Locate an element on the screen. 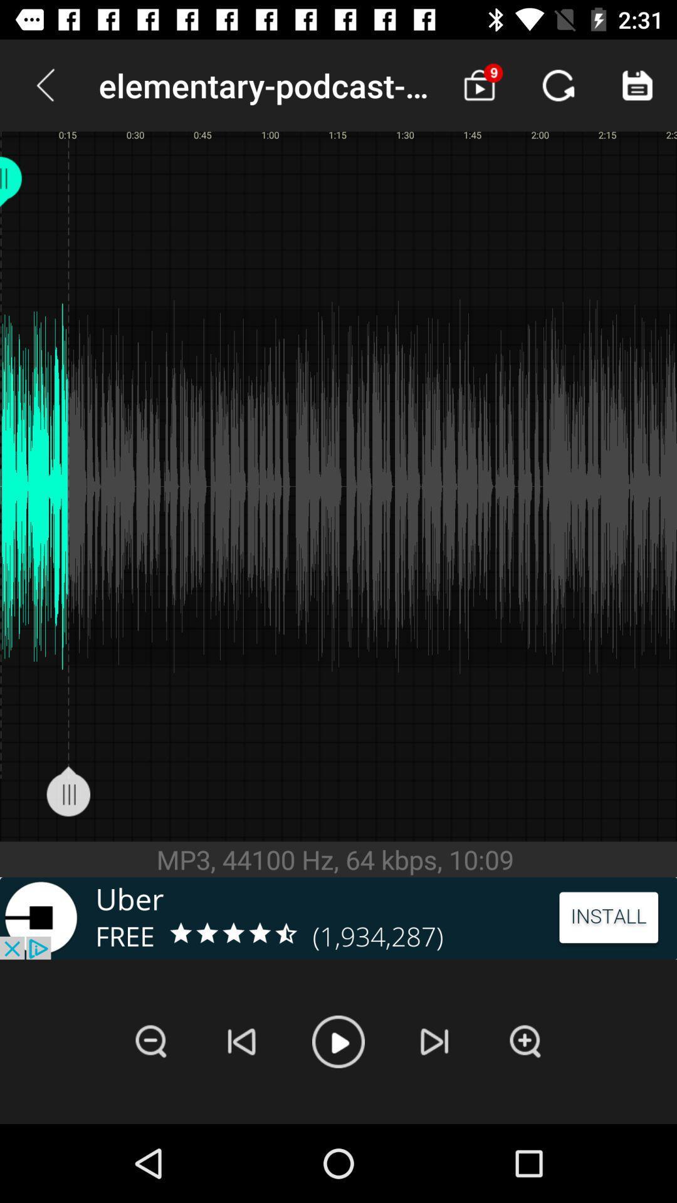 This screenshot has height=1203, width=677. the skip_previous icon is located at coordinates (242, 1041).